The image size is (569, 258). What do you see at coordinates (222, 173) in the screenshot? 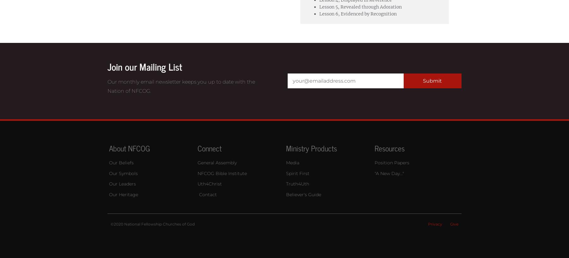
I see `'NFCOG Bible Institute'` at bounding box center [222, 173].